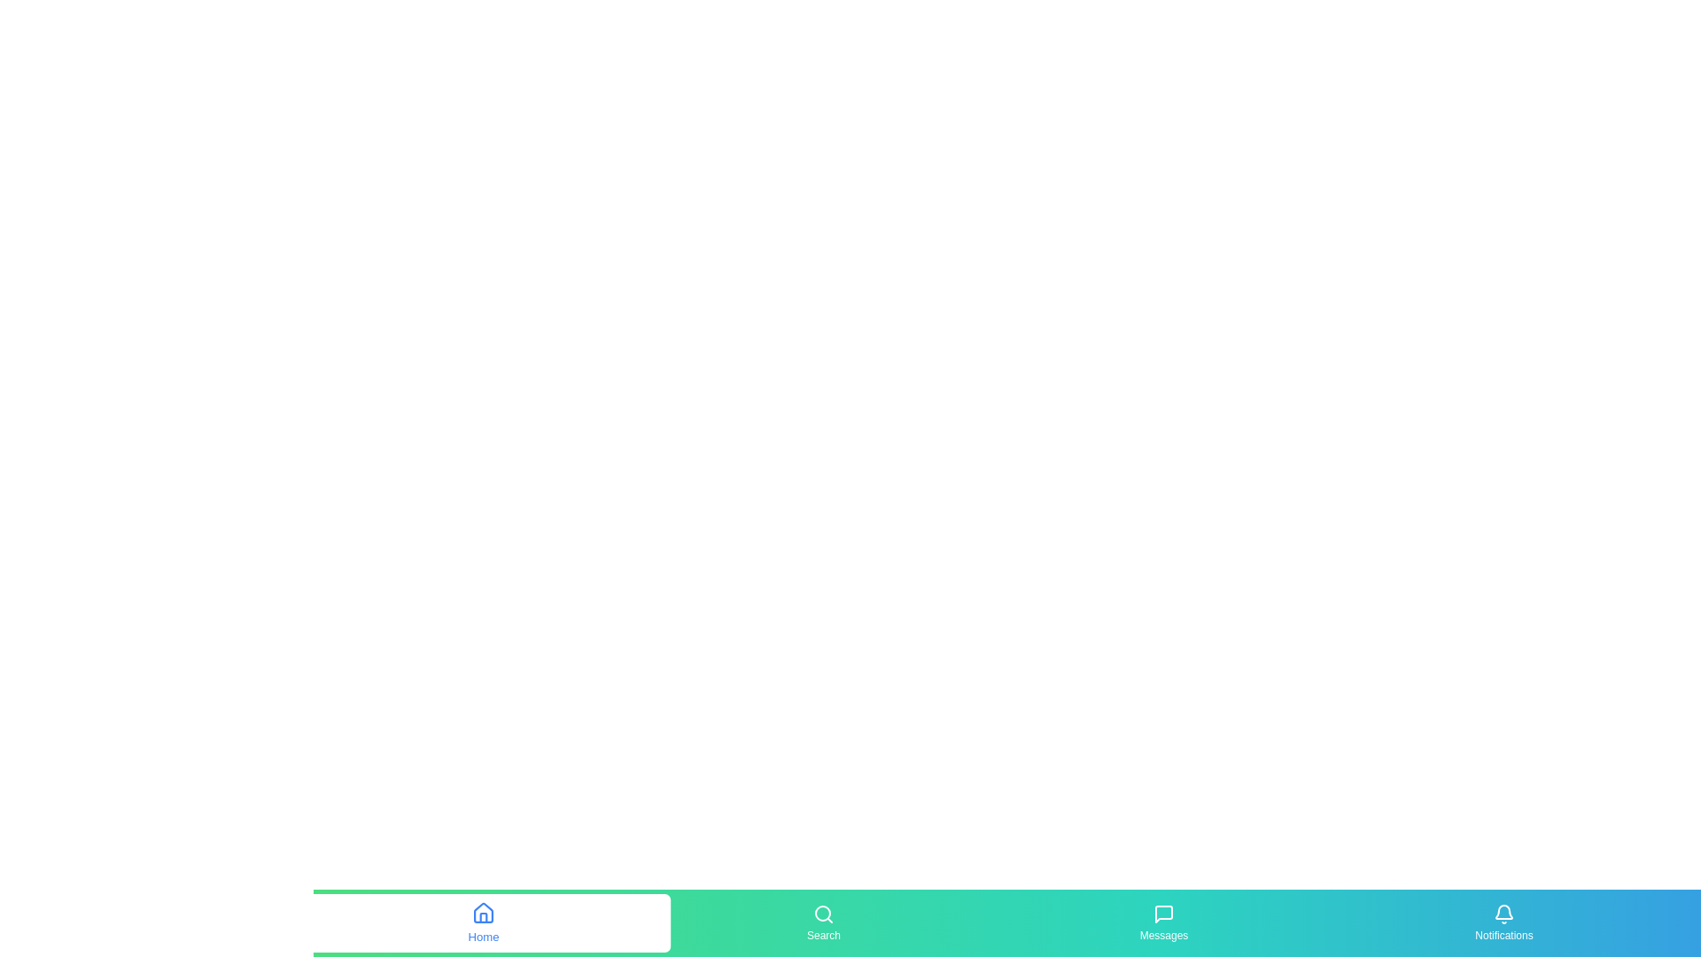 This screenshot has width=1701, height=957. Describe the element at coordinates (1164, 922) in the screenshot. I see `the Messages button to observe its hover effect` at that location.